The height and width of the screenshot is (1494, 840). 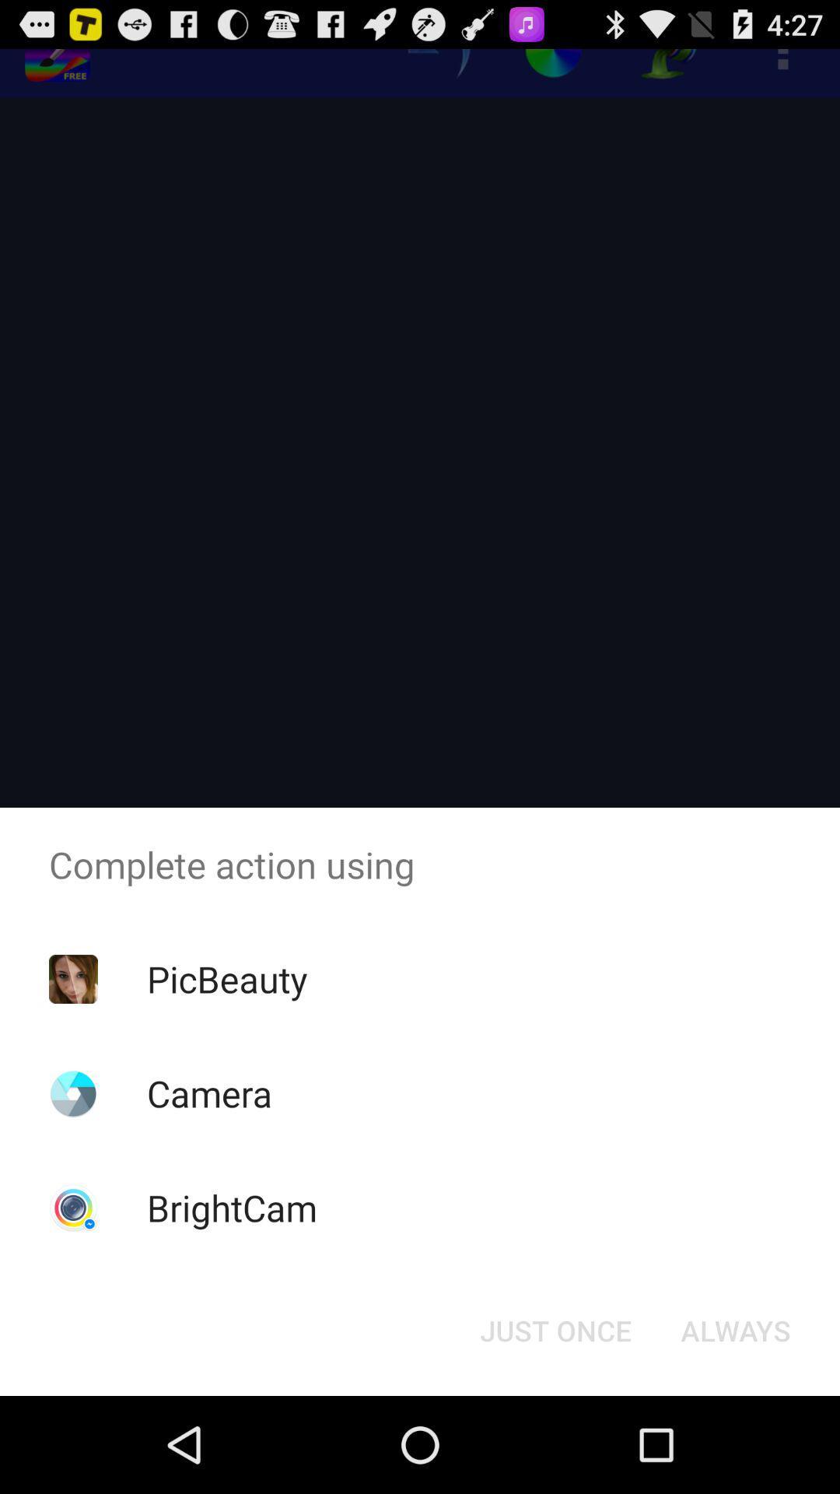 I want to click on the icon below the picbeauty app, so click(x=208, y=1092).